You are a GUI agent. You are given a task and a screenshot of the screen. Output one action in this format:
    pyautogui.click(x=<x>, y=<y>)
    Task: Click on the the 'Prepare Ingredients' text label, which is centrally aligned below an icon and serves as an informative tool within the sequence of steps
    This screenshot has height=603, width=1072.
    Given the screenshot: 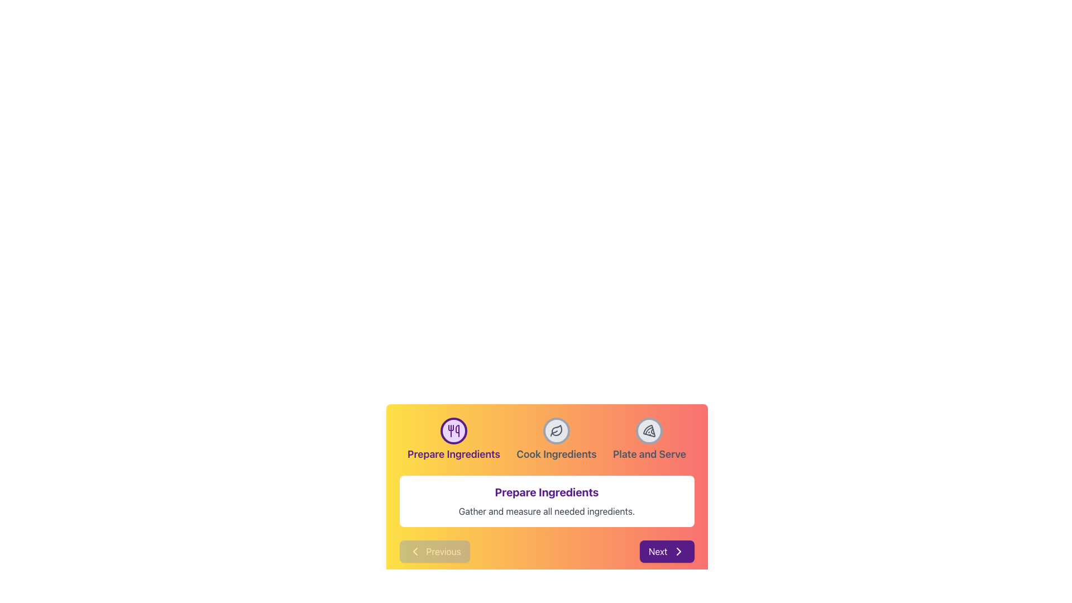 What is the action you would take?
    pyautogui.click(x=454, y=454)
    